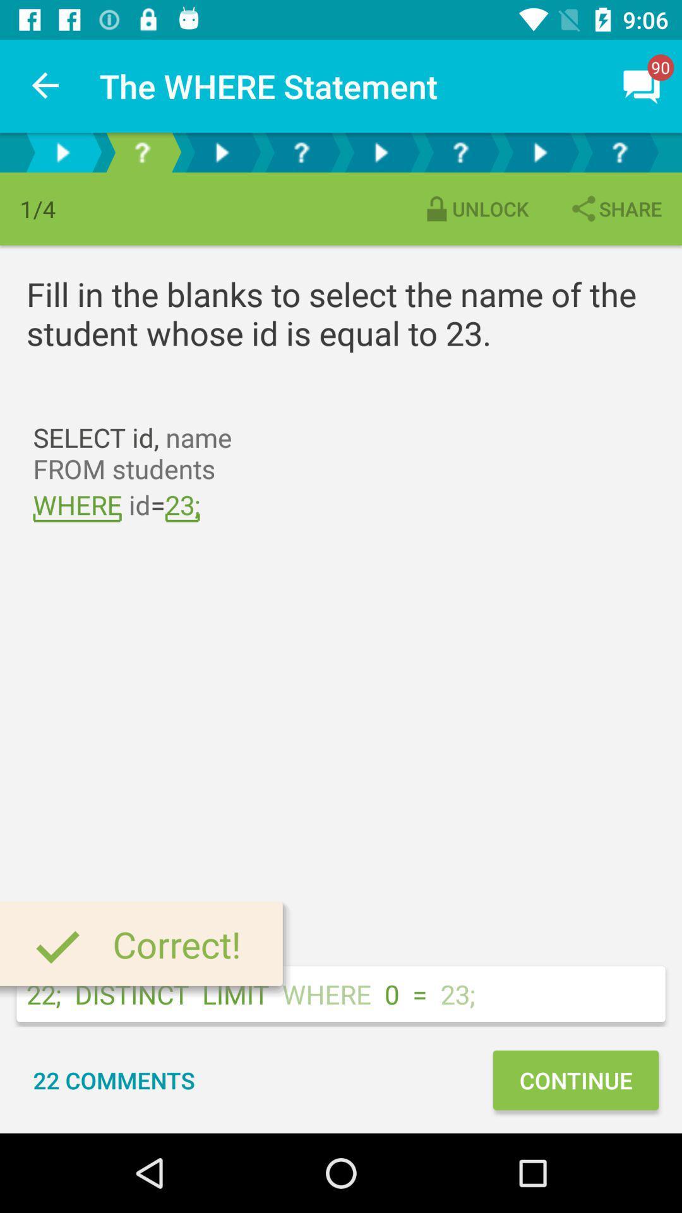 This screenshot has height=1213, width=682. Describe the element at coordinates (63, 152) in the screenshot. I see `previous content` at that location.